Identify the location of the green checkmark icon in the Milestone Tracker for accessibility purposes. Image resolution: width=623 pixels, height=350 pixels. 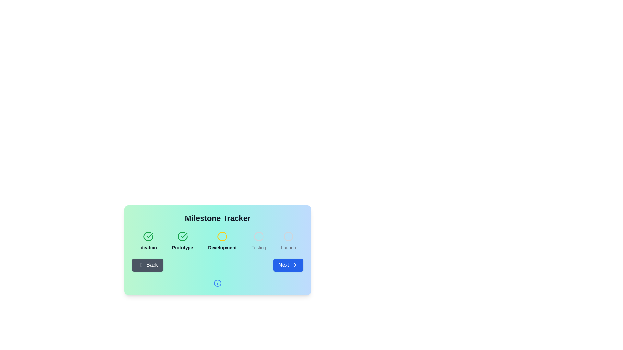
(148, 236).